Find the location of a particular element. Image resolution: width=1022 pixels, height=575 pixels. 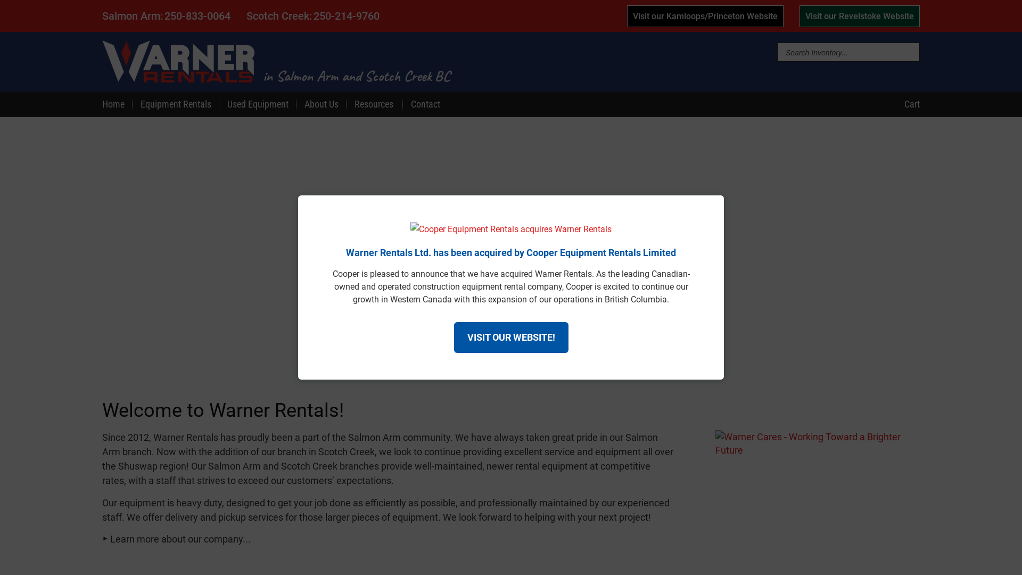

'VISIT OUR WEBSITE!' is located at coordinates (510, 337).